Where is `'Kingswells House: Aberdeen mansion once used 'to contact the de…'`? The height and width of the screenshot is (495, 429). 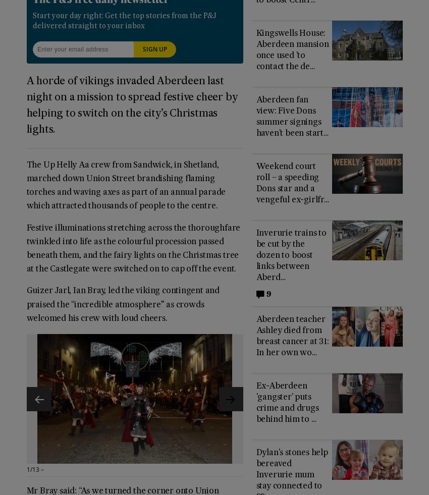
'Kingswells House: Aberdeen mansion once used 'to contact the de…' is located at coordinates (292, 49).